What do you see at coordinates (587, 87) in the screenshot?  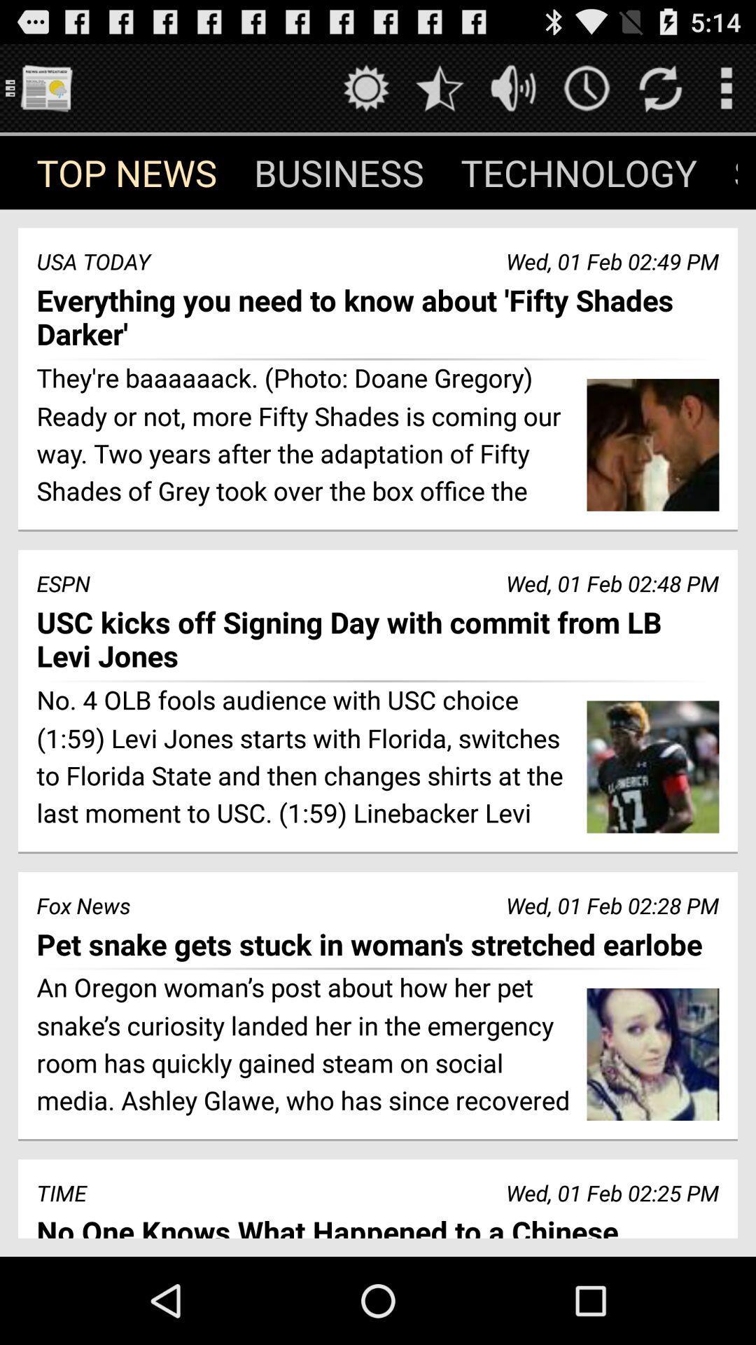 I see `time` at bounding box center [587, 87].